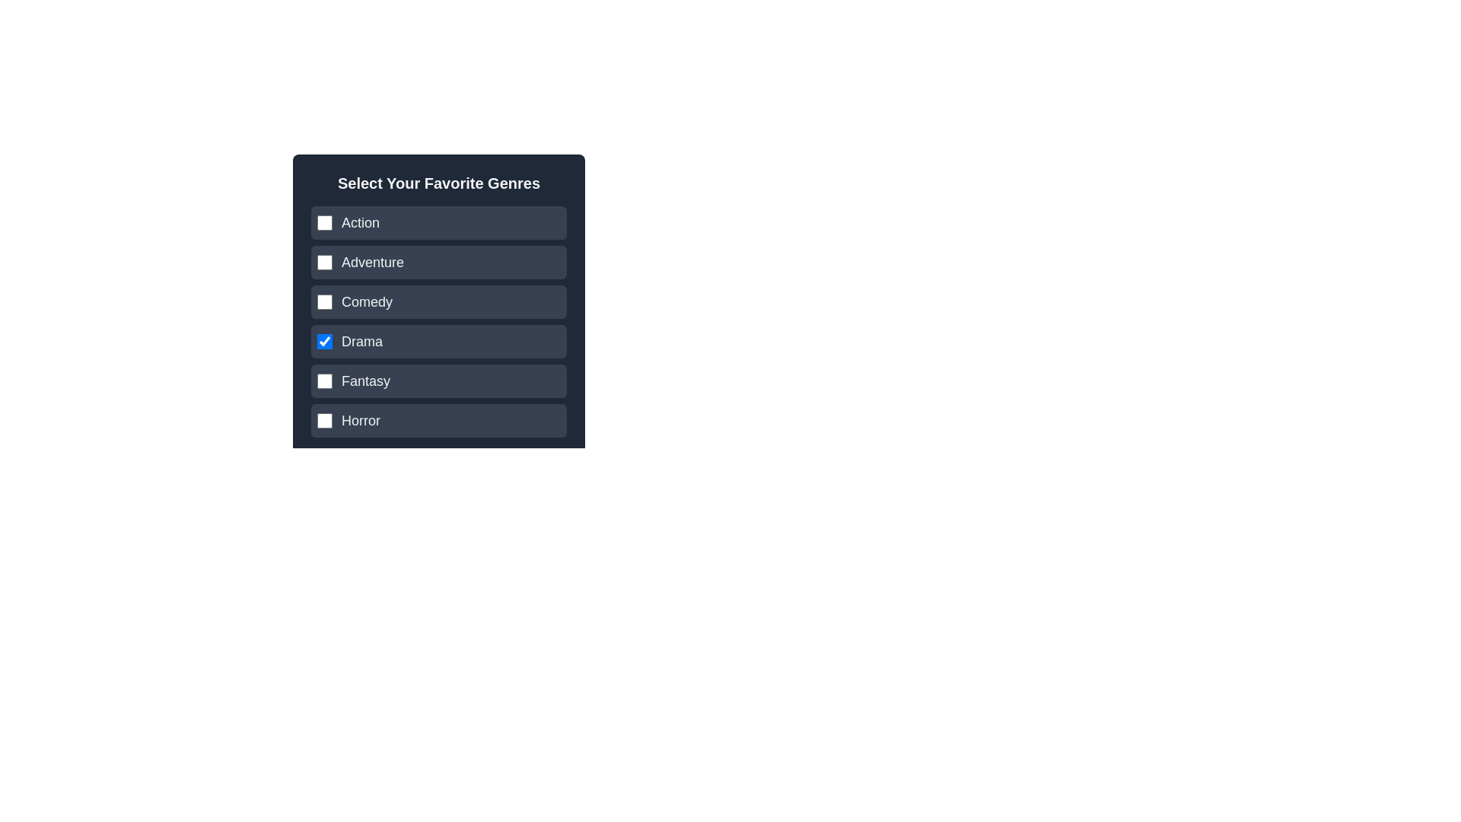 This screenshot has width=1461, height=822. I want to click on the checkbox labeled 'Fantasy' in the list of genres under 'Select Your Favorite Genres' and focus on it using keyboard navigation, so click(438, 381).